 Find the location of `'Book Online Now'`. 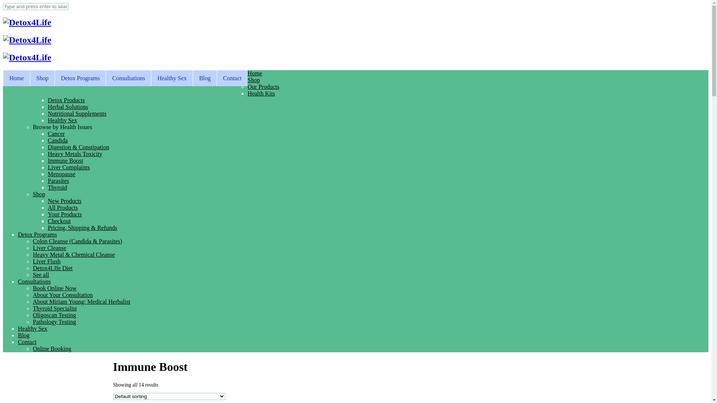

'Book Online Now' is located at coordinates (54, 288).